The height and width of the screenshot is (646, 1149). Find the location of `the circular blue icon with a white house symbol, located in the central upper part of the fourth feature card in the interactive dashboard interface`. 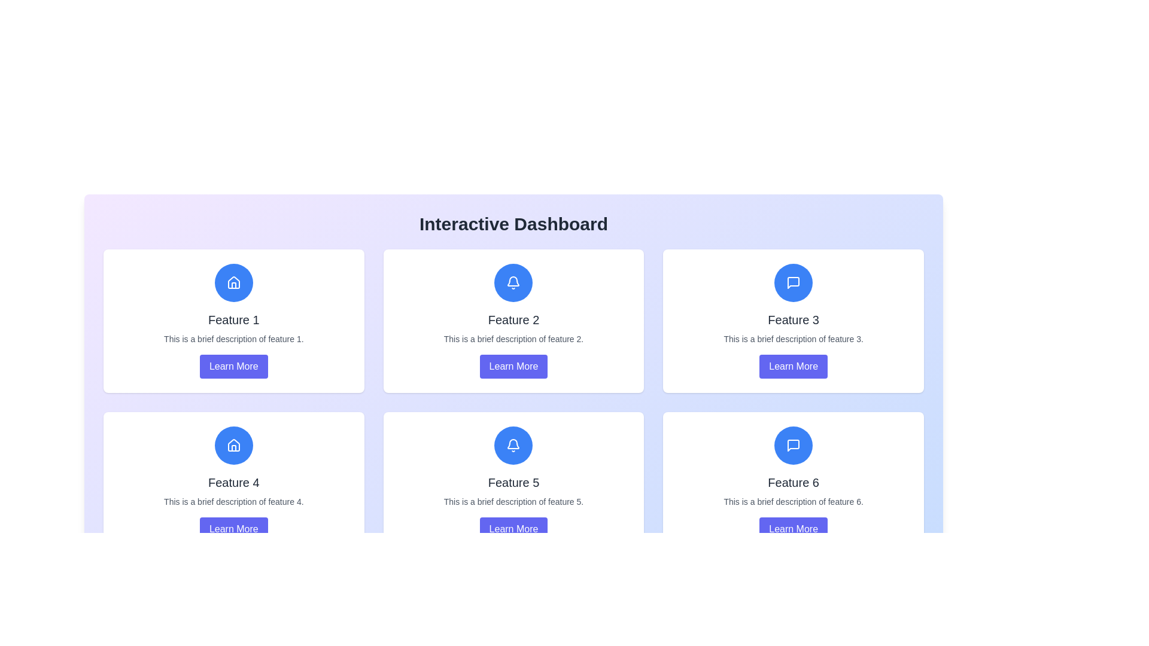

the circular blue icon with a white house symbol, located in the central upper part of the fourth feature card in the interactive dashboard interface is located at coordinates (233, 445).